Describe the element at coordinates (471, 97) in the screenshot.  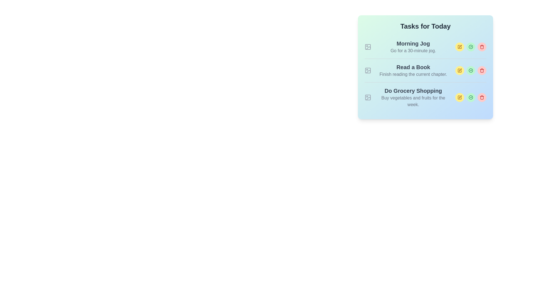
I see `the button in the bottom-right part of the task list interface to mark the task 'Do Grocery Shopping' as complete` at that location.